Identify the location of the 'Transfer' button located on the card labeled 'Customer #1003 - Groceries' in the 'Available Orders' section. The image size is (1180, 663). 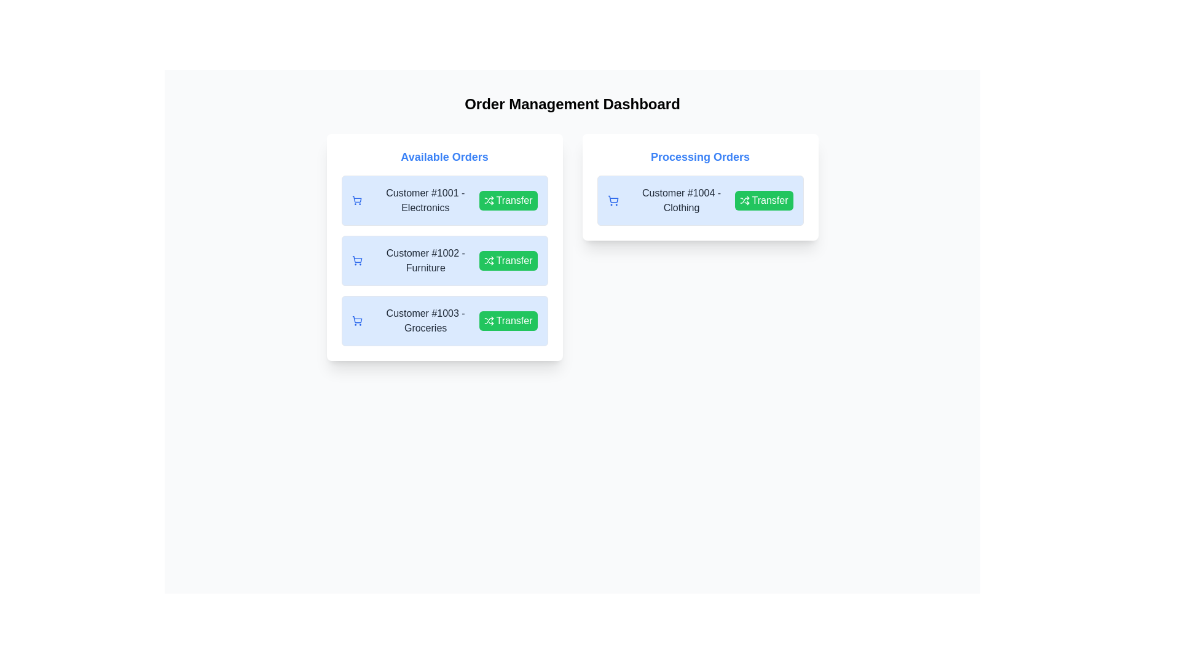
(508, 320).